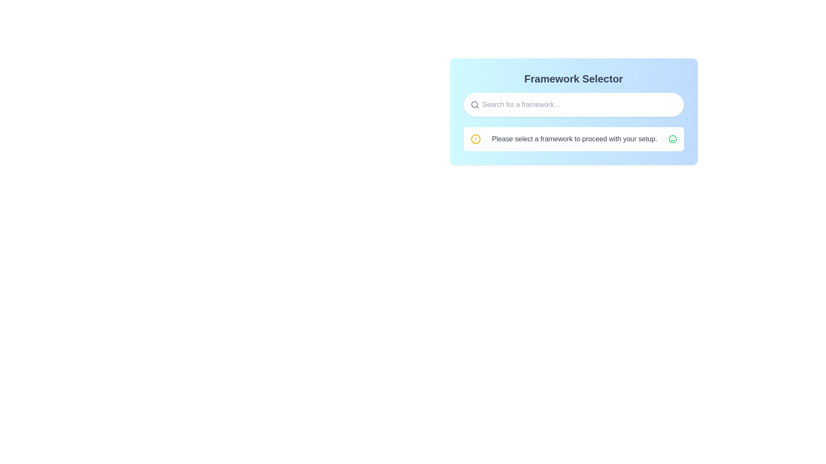 The width and height of the screenshot is (826, 464). What do you see at coordinates (672, 139) in the screenshot?
I see `the large circular component of the smiley face icon, which is adjacent to the message 'Please select a framework to proceed with your setup.'` at bounding box center [672, 139].